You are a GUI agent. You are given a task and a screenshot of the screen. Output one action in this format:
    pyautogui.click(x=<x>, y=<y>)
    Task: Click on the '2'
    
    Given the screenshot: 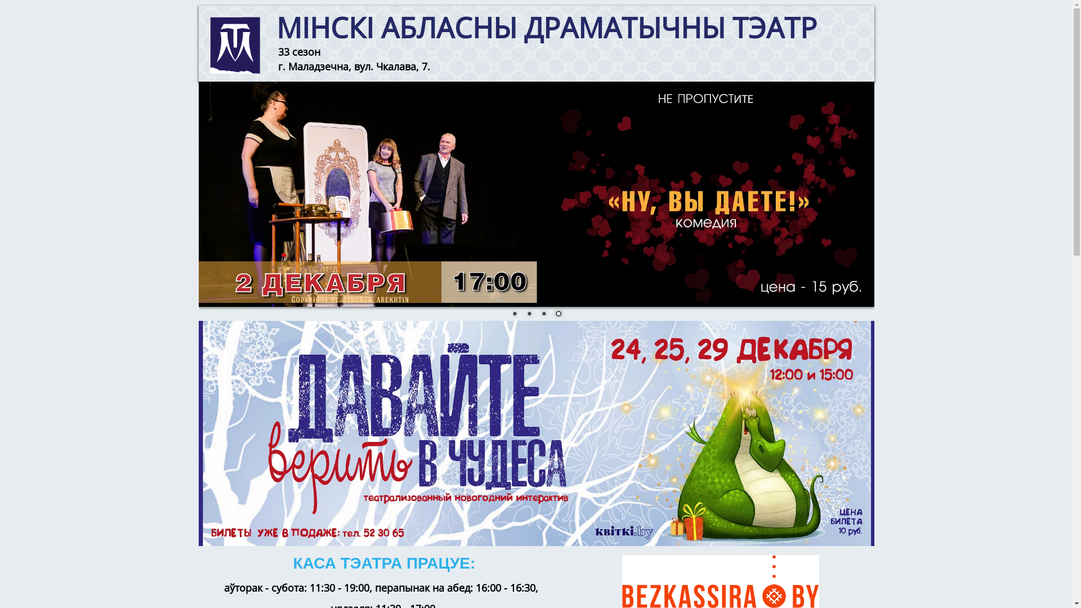 What is the action you would take?
    pyautogui.click(x=528, y=315)
    